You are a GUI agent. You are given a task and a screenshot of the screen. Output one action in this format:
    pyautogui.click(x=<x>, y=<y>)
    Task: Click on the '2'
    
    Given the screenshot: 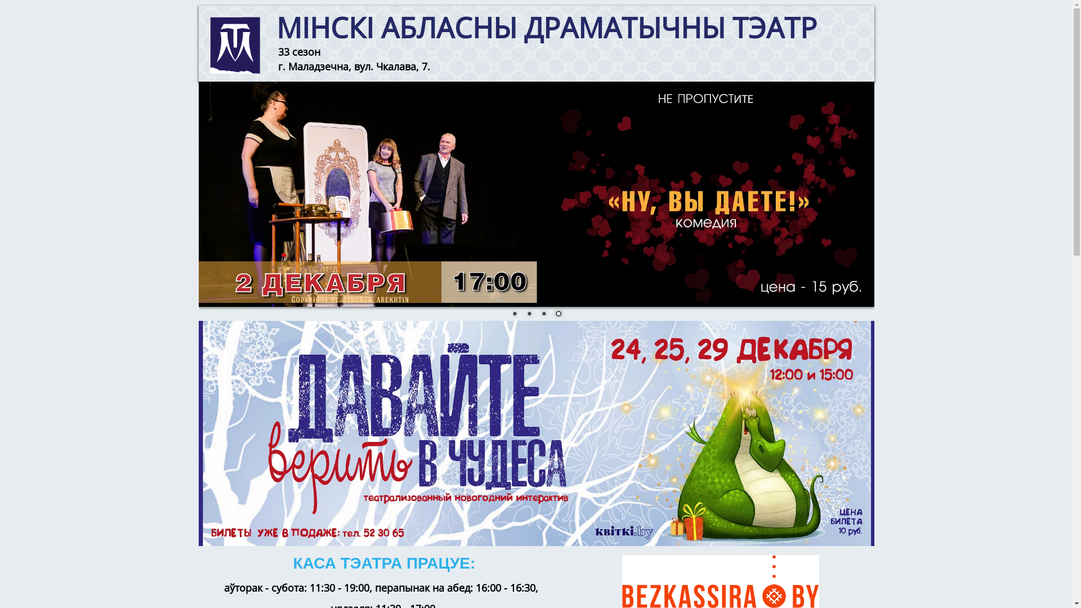 What is the action you would take?
    pyautogui.click(x=528, y=315)
    